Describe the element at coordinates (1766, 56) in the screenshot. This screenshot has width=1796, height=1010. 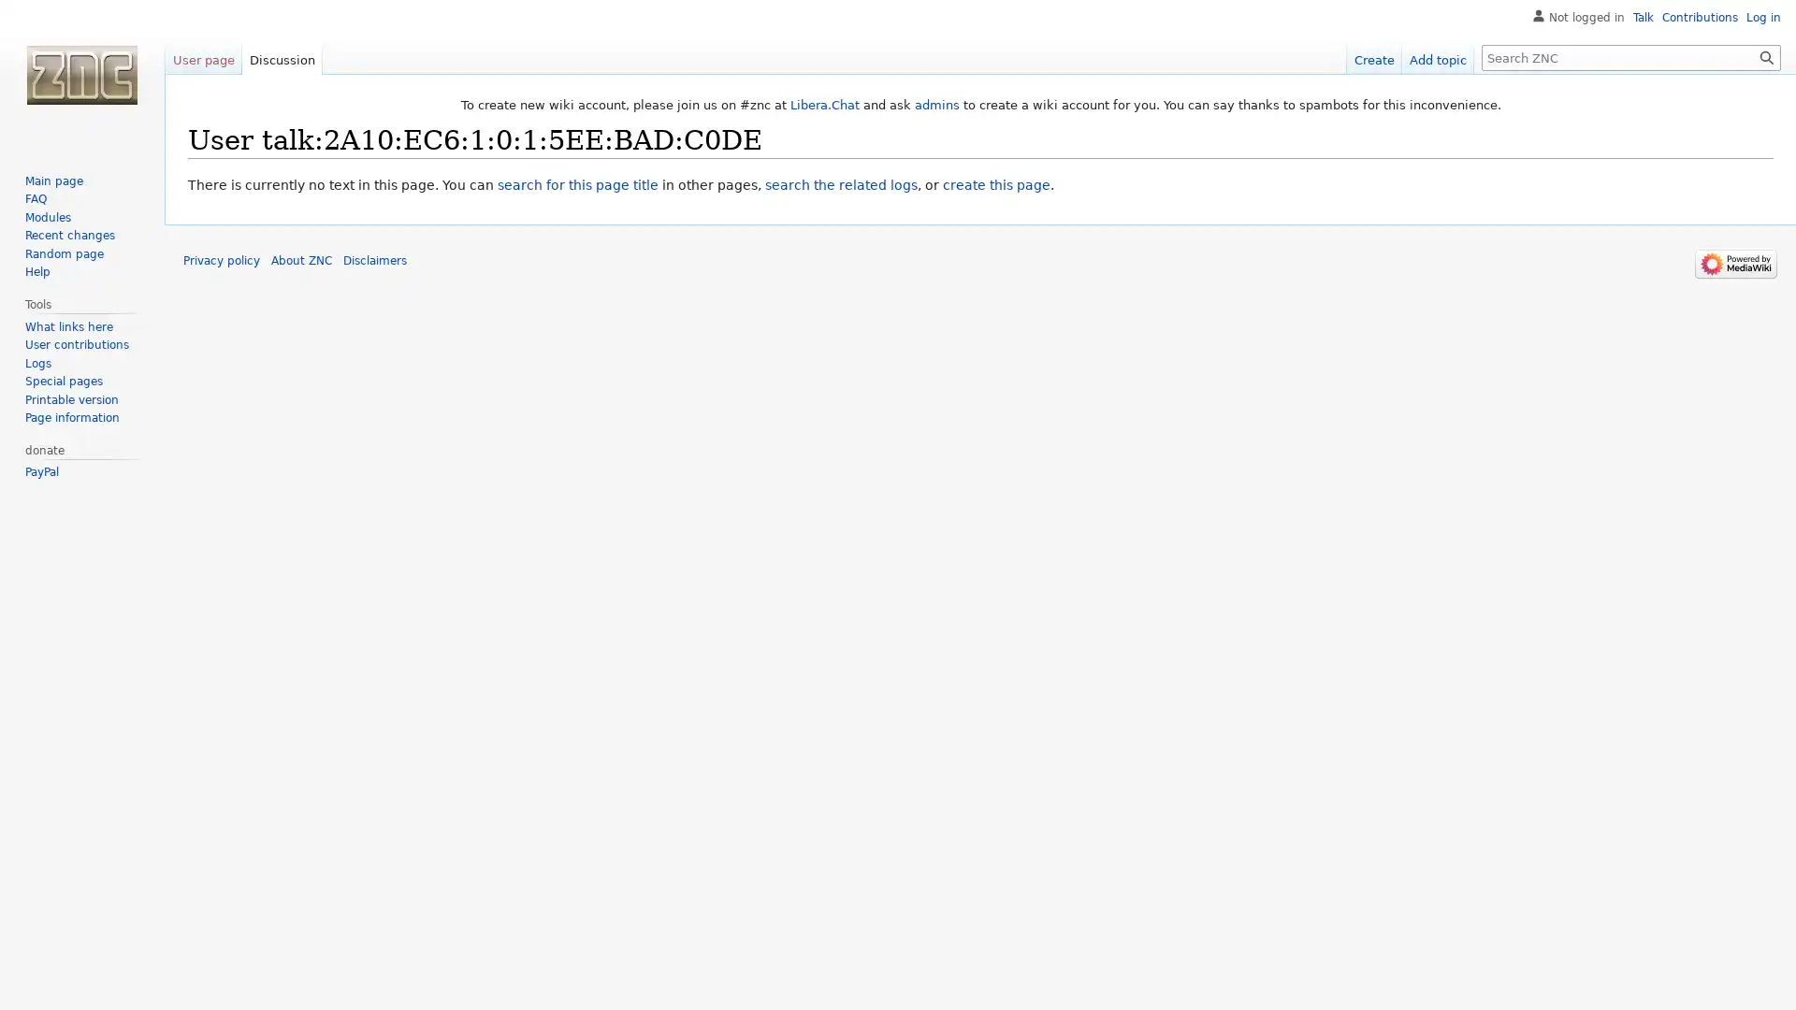
I see `Go` at that location.